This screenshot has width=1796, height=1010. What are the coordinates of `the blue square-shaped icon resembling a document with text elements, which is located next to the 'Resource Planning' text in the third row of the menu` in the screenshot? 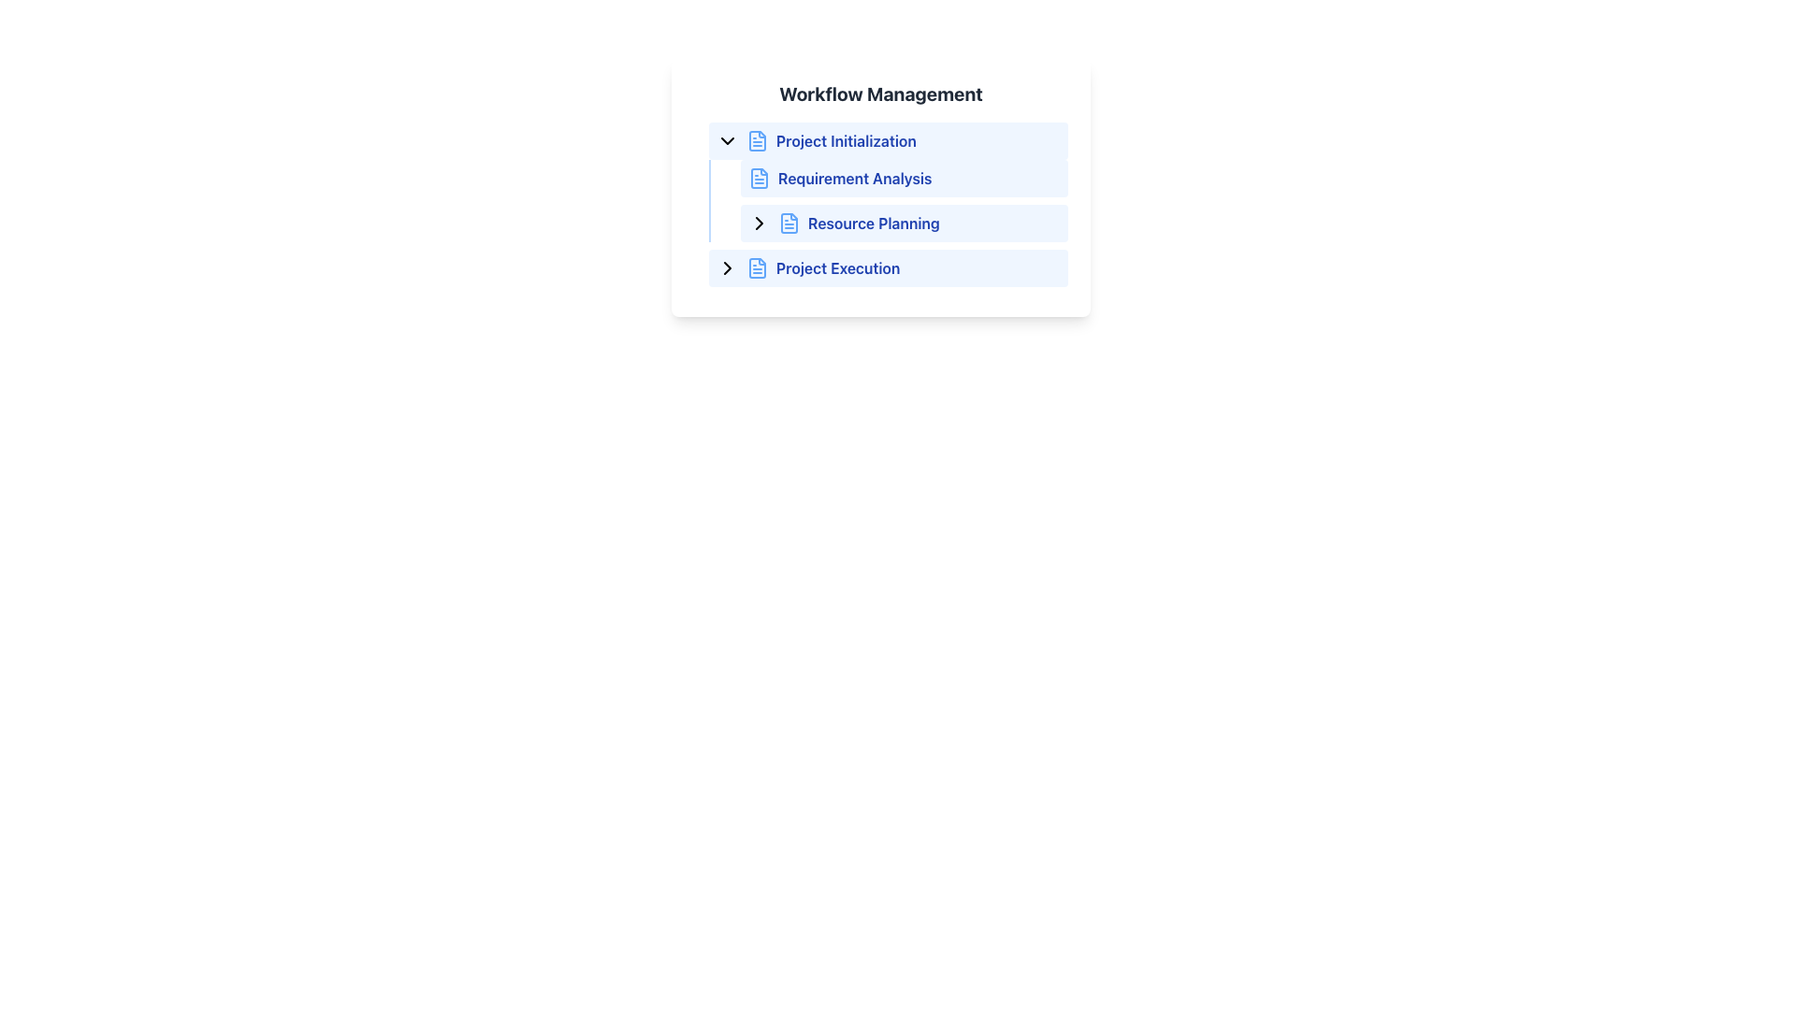 It's located at (789, 223).